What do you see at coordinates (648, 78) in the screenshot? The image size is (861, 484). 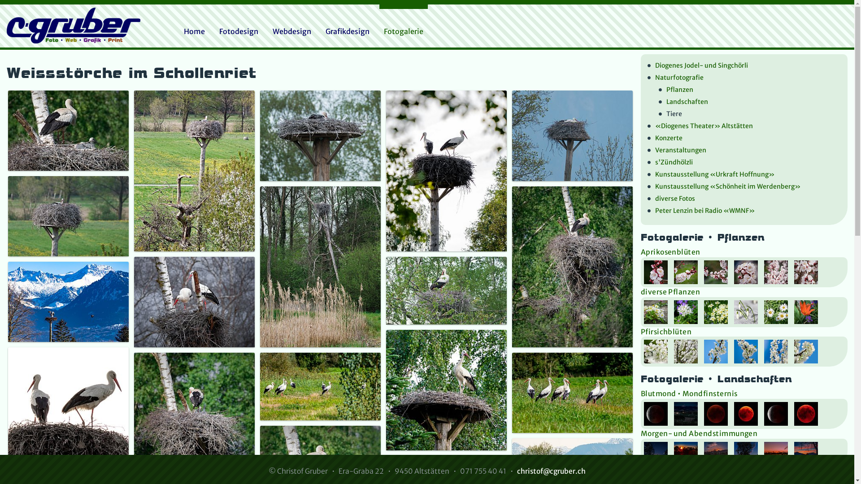 I see `'Naturfotografie'` at bounding box center [648, 78].